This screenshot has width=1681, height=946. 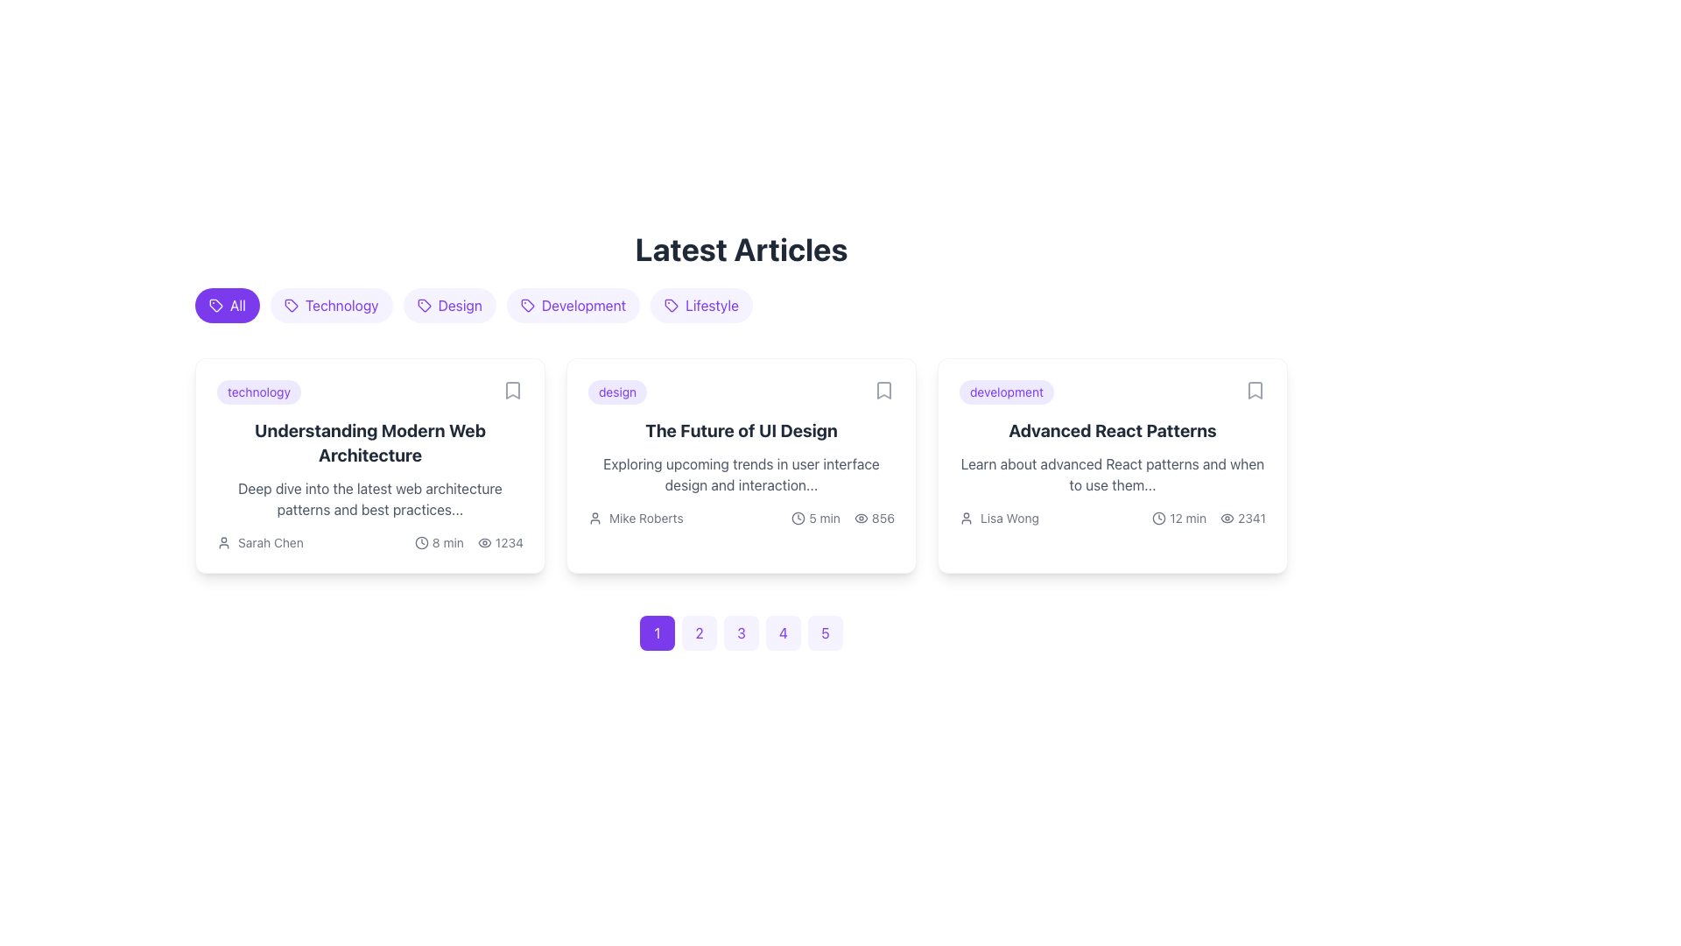 I want to click on information presented in the Author attribution label, which shows the text 'Mike Roberts' next to a user icon, located at the bottom-left of the card titled 'The Future of UI Design', so click(x=635, y=517).